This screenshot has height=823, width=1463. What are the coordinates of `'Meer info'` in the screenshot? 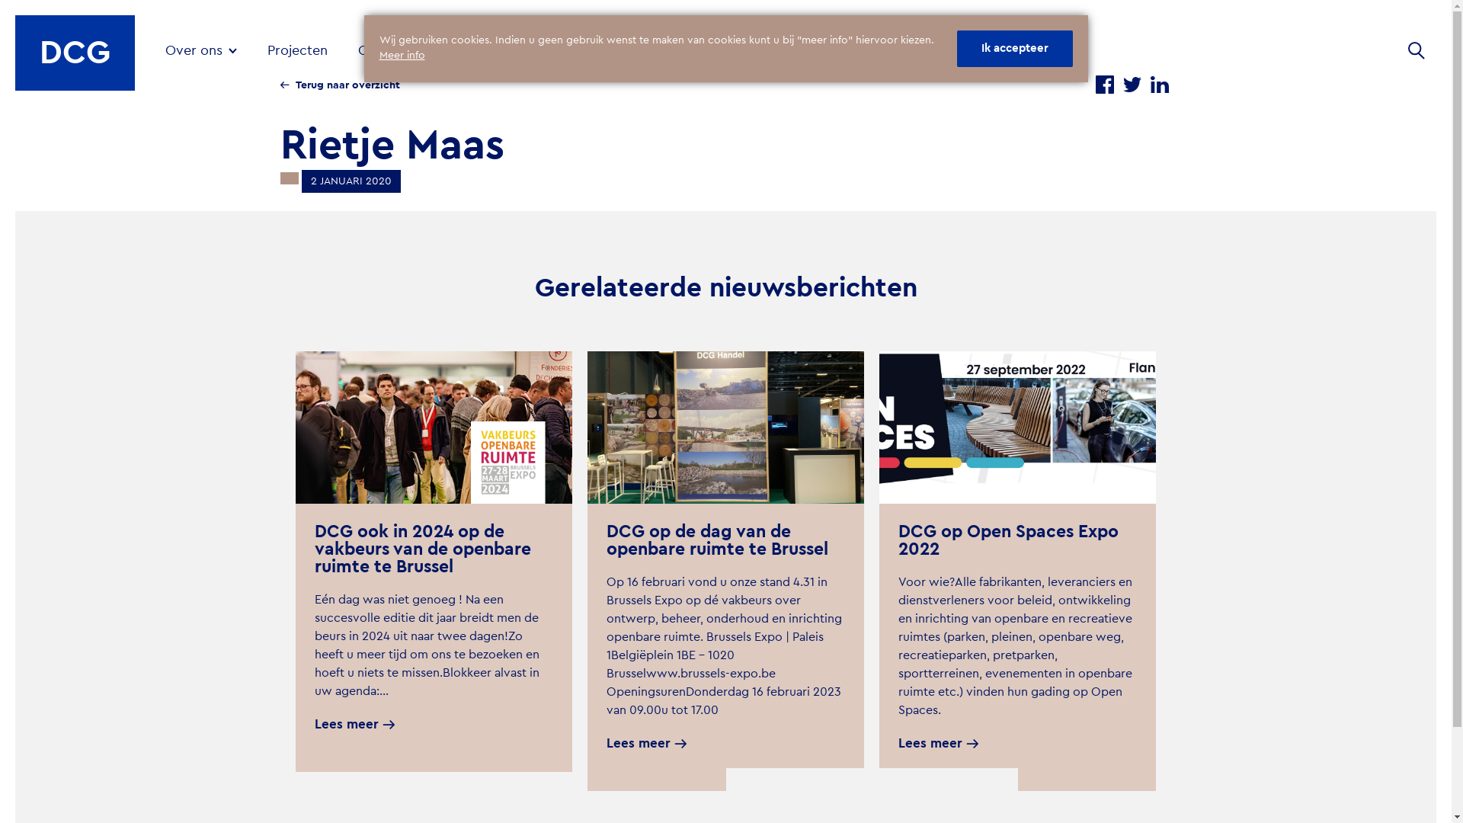 It's located at (402, 55).